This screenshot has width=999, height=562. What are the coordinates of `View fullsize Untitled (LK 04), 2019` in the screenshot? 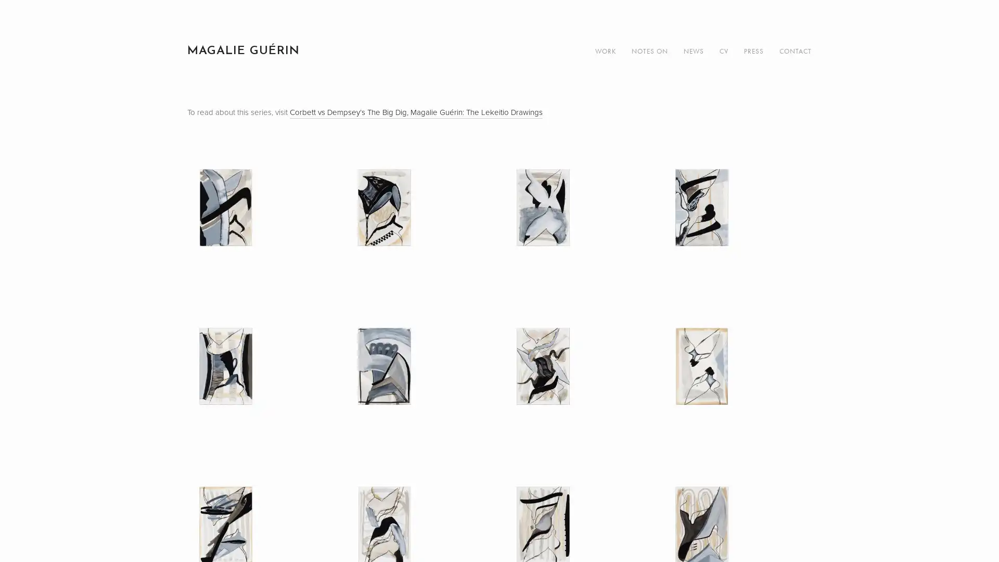 It's located at (737, 243).